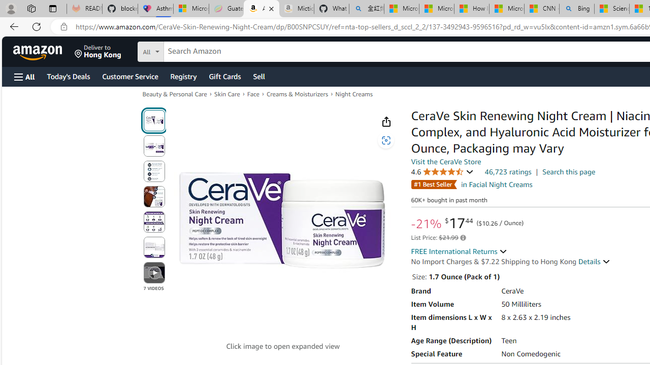 The image size is (650, 365). Describe the element at coordinates (175, 94) in the screenshot. I see `'Beauty & Personal Care'` at that location.